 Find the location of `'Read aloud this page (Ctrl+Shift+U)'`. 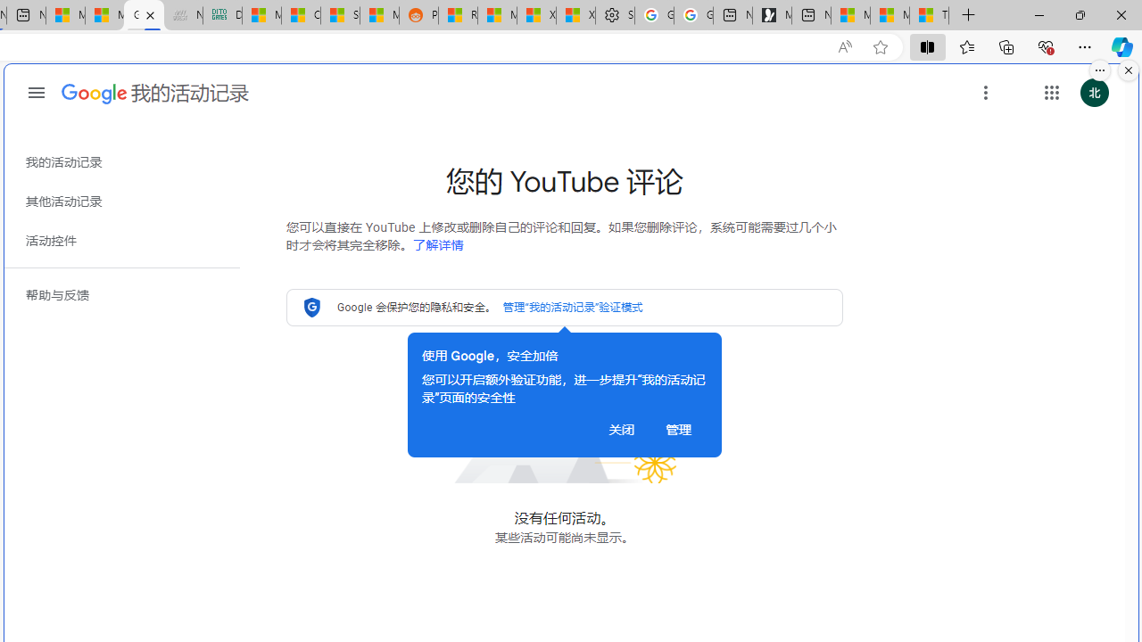

'Read aloud this page (Ctrl+Shift+U)' is located at coordinates (843, 46).